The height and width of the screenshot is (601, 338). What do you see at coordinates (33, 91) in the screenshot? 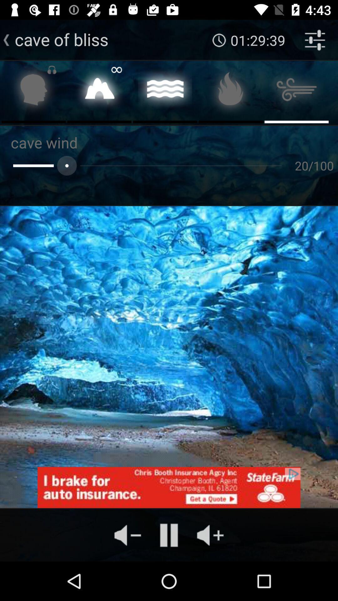
I see `game option` at bounding box center [33, 91].